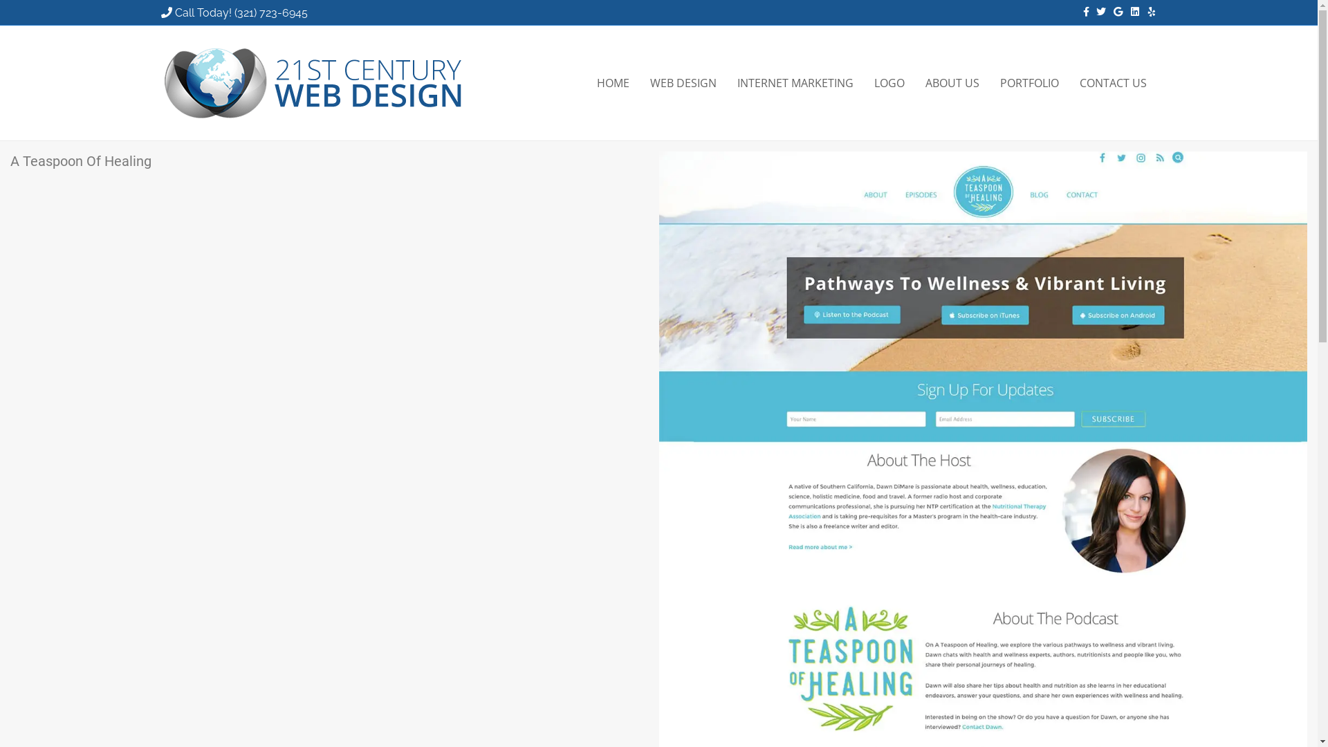 The image size is (1328, 747). I want to click on 'HOME', so click(612, 82).